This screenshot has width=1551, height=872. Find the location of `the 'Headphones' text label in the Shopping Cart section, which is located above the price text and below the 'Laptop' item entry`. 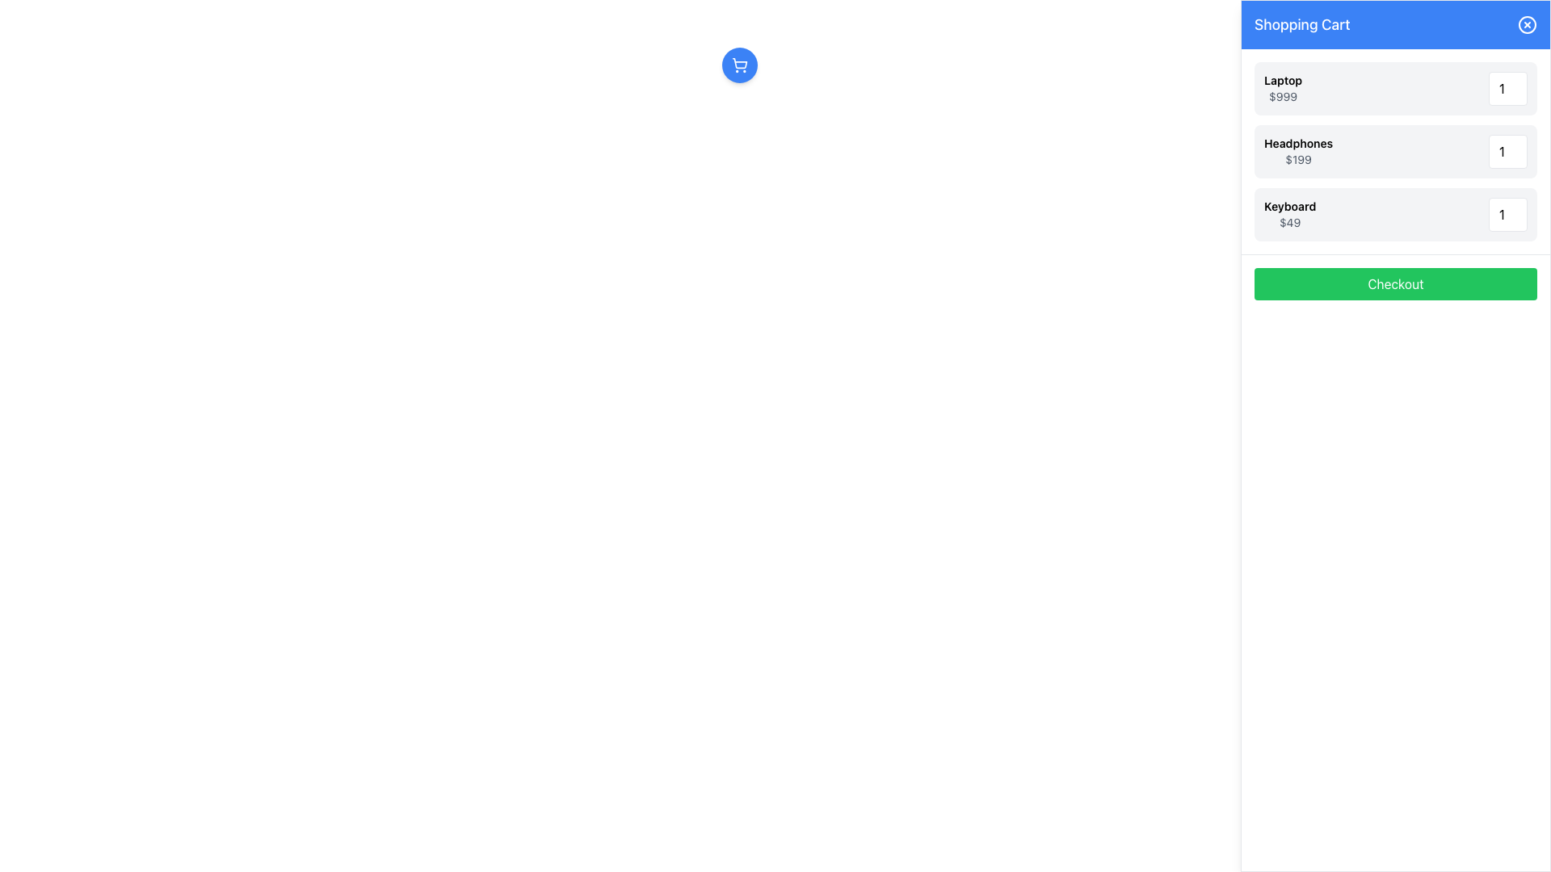

the 'Headphones' text label in the Shopping Cart section, which is located above the price text and below the 'Laptop' item entry is located at coordinates (1298, 142).